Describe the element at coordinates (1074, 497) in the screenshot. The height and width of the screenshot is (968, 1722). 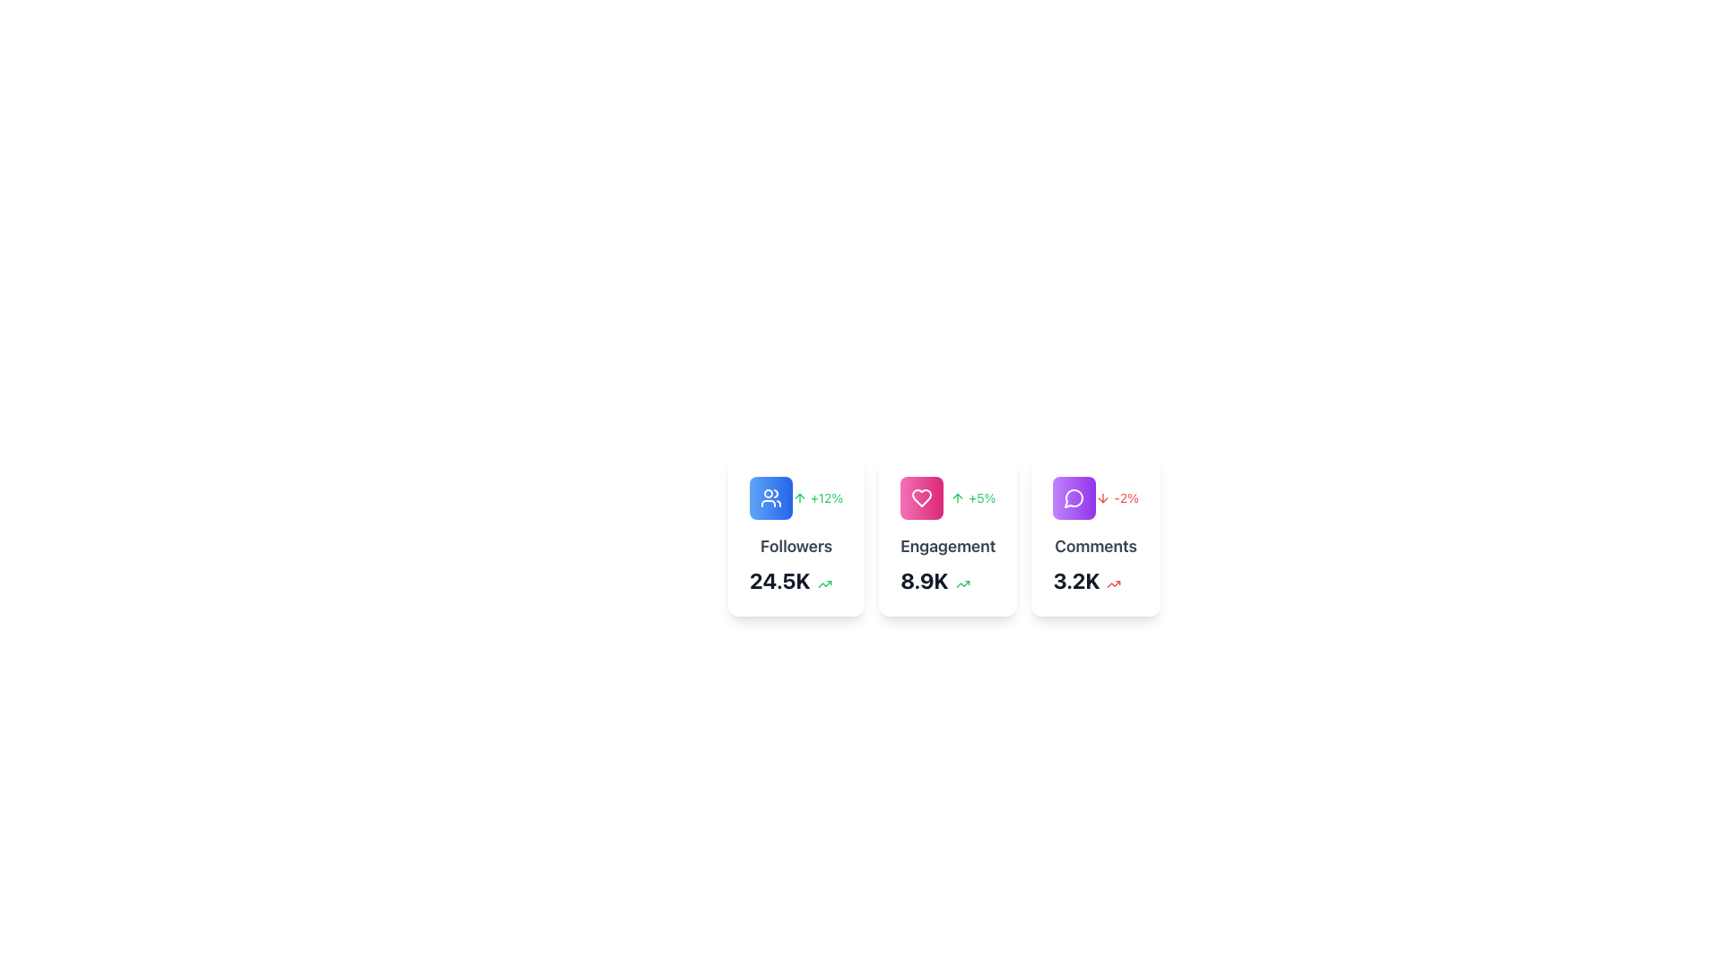
I see `the 'Comments' icon button, which represents the comments statistic with a speech bubble symbol` at that location.